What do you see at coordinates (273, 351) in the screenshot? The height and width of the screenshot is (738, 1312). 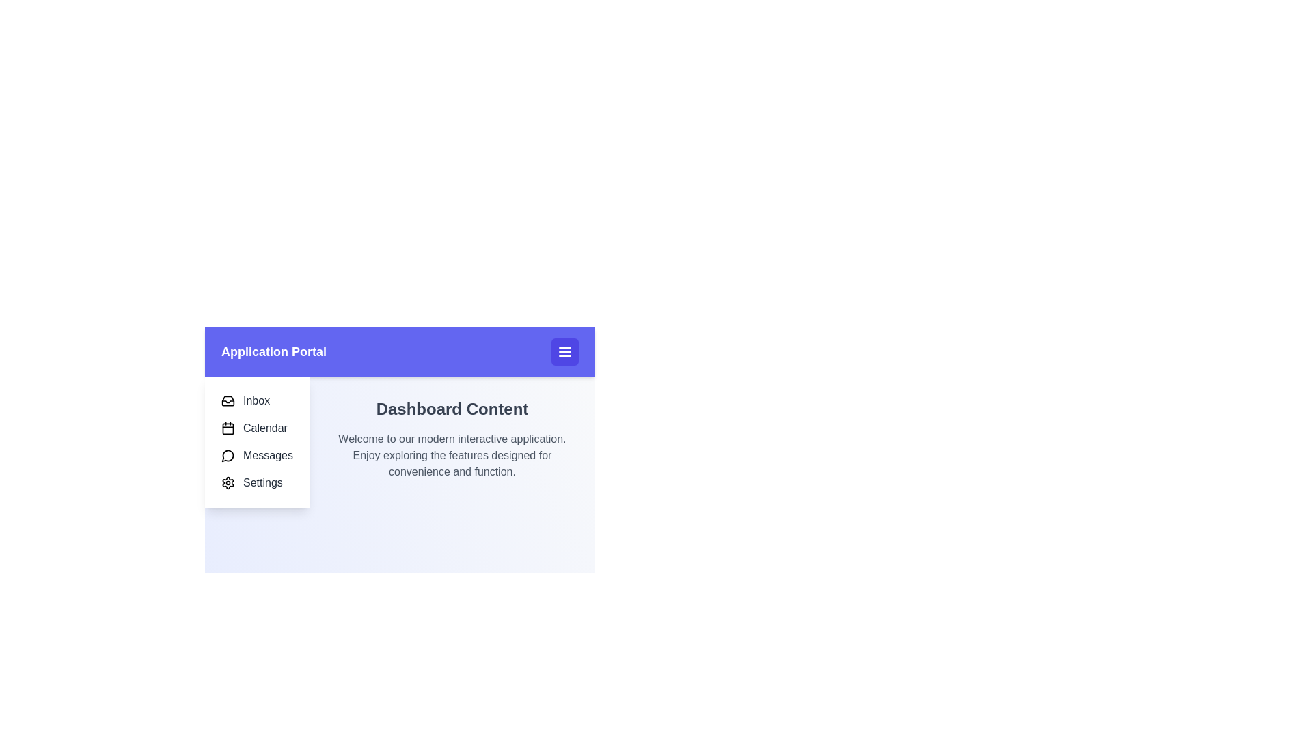 I see `the text label located in the left section of the blue header bar, which serves as an identifier for the application interface` at bounding box center [273, 351].